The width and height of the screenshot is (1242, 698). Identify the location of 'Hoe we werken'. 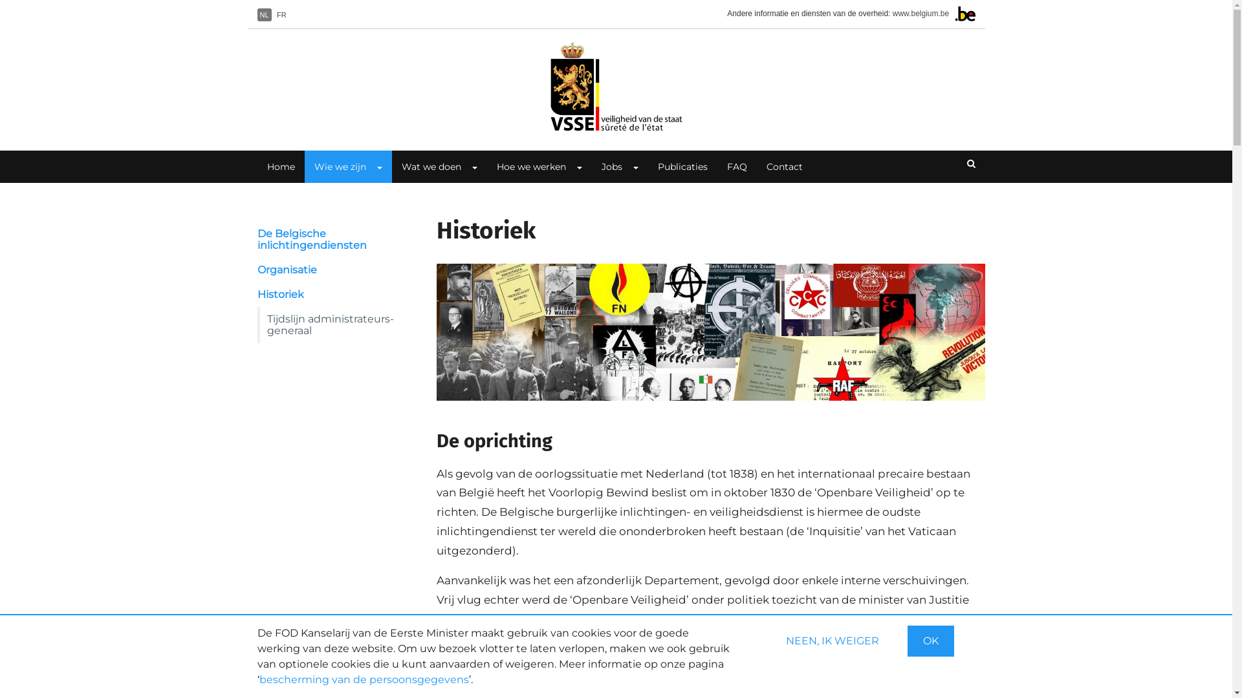
(486, 166).